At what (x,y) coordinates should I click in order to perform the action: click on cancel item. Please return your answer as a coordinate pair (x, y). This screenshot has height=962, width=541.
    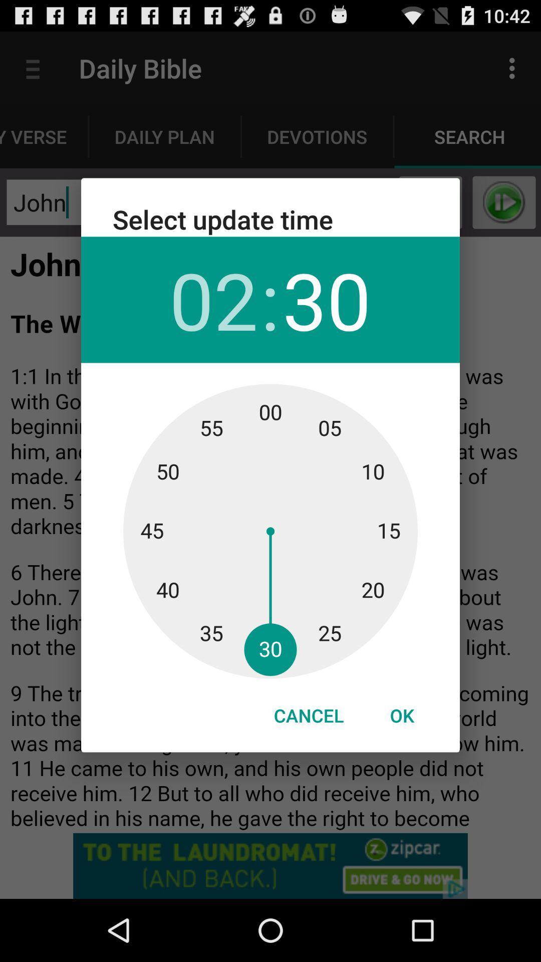
    Looking at the image, I should click on (308, 715).